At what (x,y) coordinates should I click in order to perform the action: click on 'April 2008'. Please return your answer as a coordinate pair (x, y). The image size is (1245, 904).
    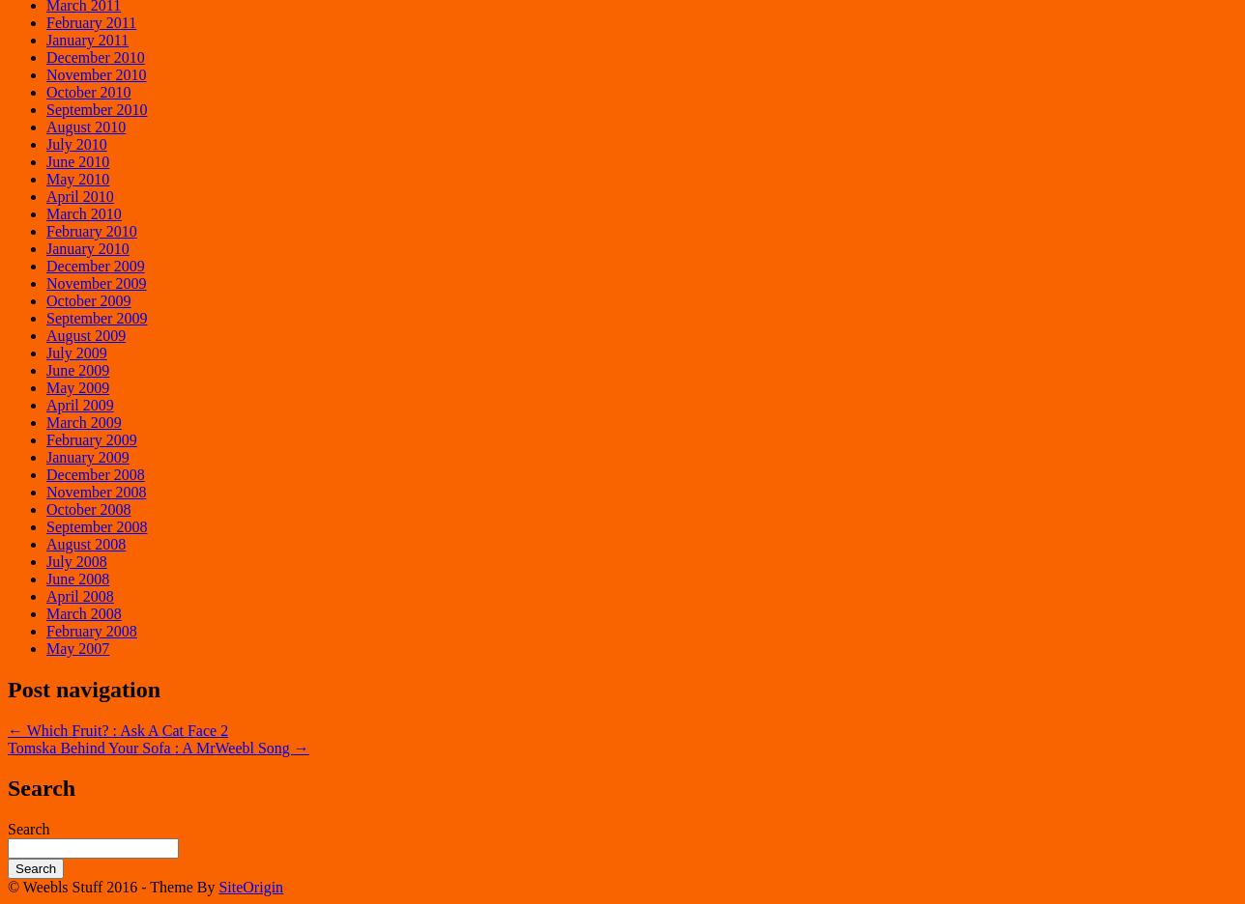
    Looking at the image, I should click on (79, 595).